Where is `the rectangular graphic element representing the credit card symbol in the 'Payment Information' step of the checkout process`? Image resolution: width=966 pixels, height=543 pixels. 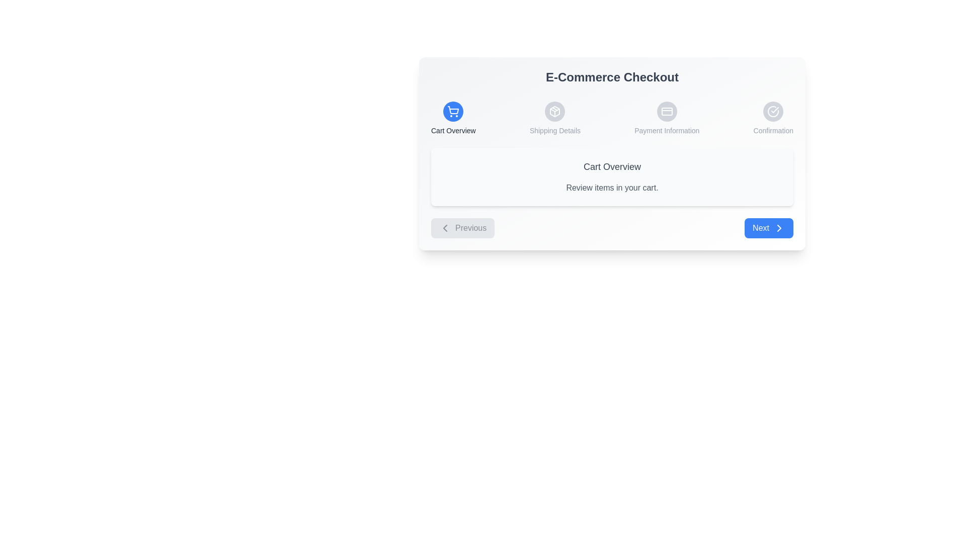
the rectangular graphic element representing the credit card symbol in the 'Payment Information' step of the checkout process is located at coordinates (667, 112).